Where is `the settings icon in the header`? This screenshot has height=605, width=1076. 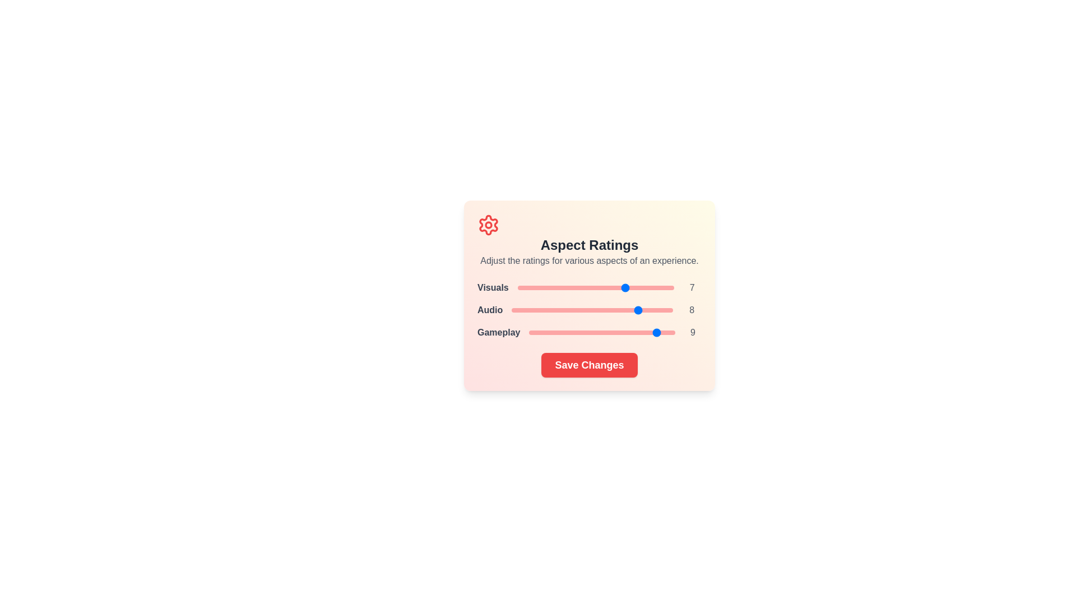 the settings icon in the header is located at coordinates (489, 225).